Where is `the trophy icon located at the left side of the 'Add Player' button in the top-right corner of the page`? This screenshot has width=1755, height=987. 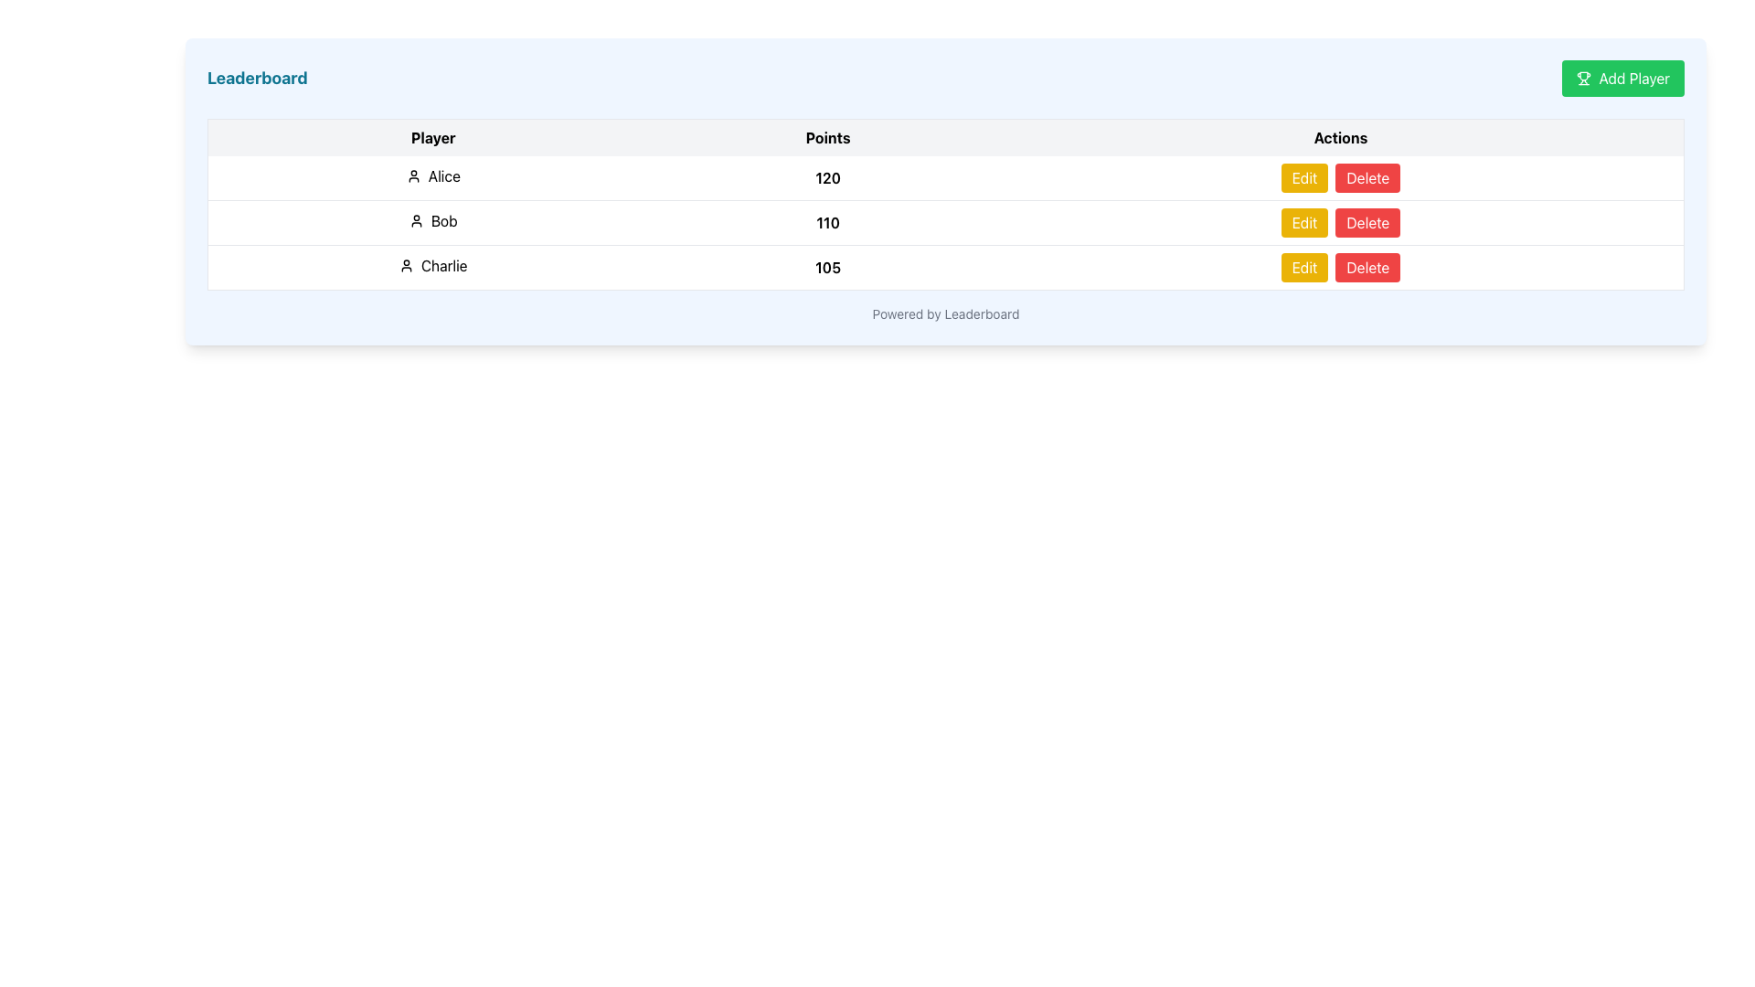
the trophy icon located at the left side of the 'Add Player' button in the top-right corner of the page is located at coordinates (1583, 77).